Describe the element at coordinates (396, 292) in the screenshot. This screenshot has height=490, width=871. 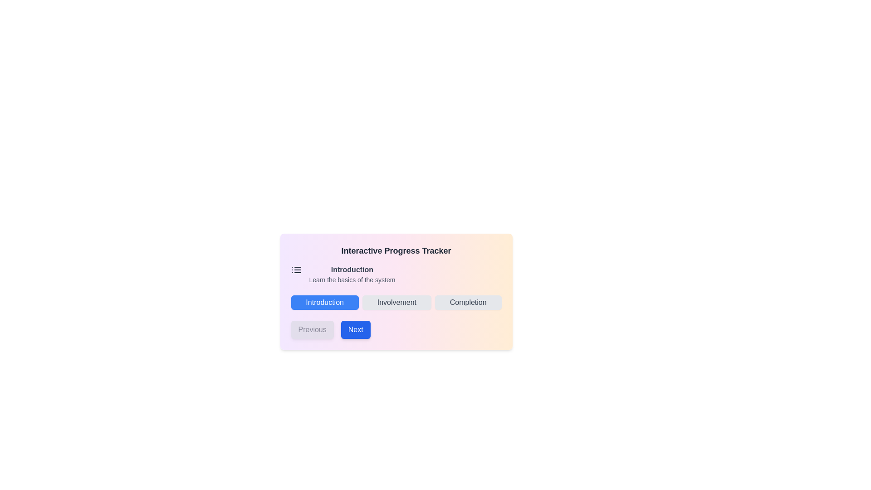
I see `the 'Involvement' button within the progress tracker interface` at that location.